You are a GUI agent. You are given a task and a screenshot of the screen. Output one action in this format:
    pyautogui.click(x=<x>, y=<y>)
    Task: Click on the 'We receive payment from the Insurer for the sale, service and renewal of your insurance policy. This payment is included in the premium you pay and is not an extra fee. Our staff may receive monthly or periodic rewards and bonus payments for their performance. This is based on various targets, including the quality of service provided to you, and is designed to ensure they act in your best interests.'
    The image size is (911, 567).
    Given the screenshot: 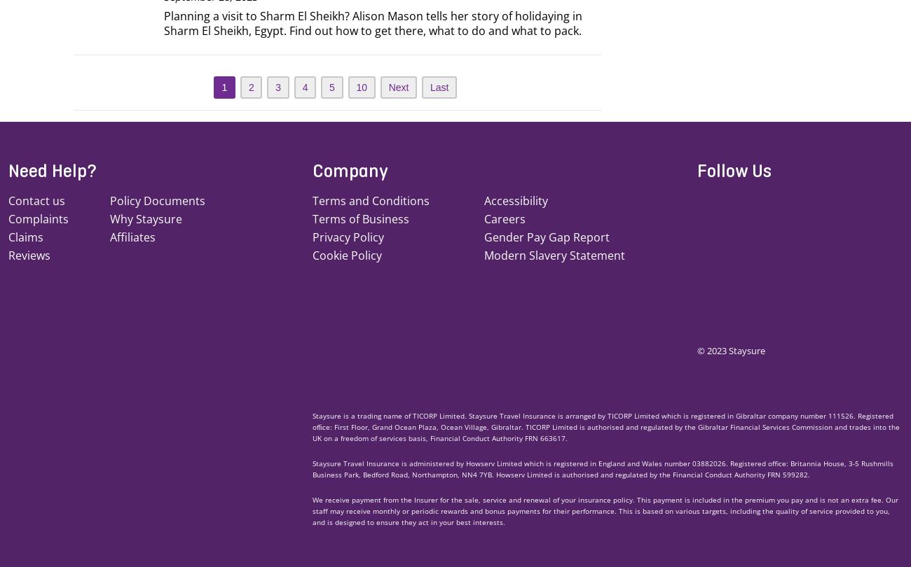 What is the action you would take?
    pyautogui.click(x=604, y=510)
    